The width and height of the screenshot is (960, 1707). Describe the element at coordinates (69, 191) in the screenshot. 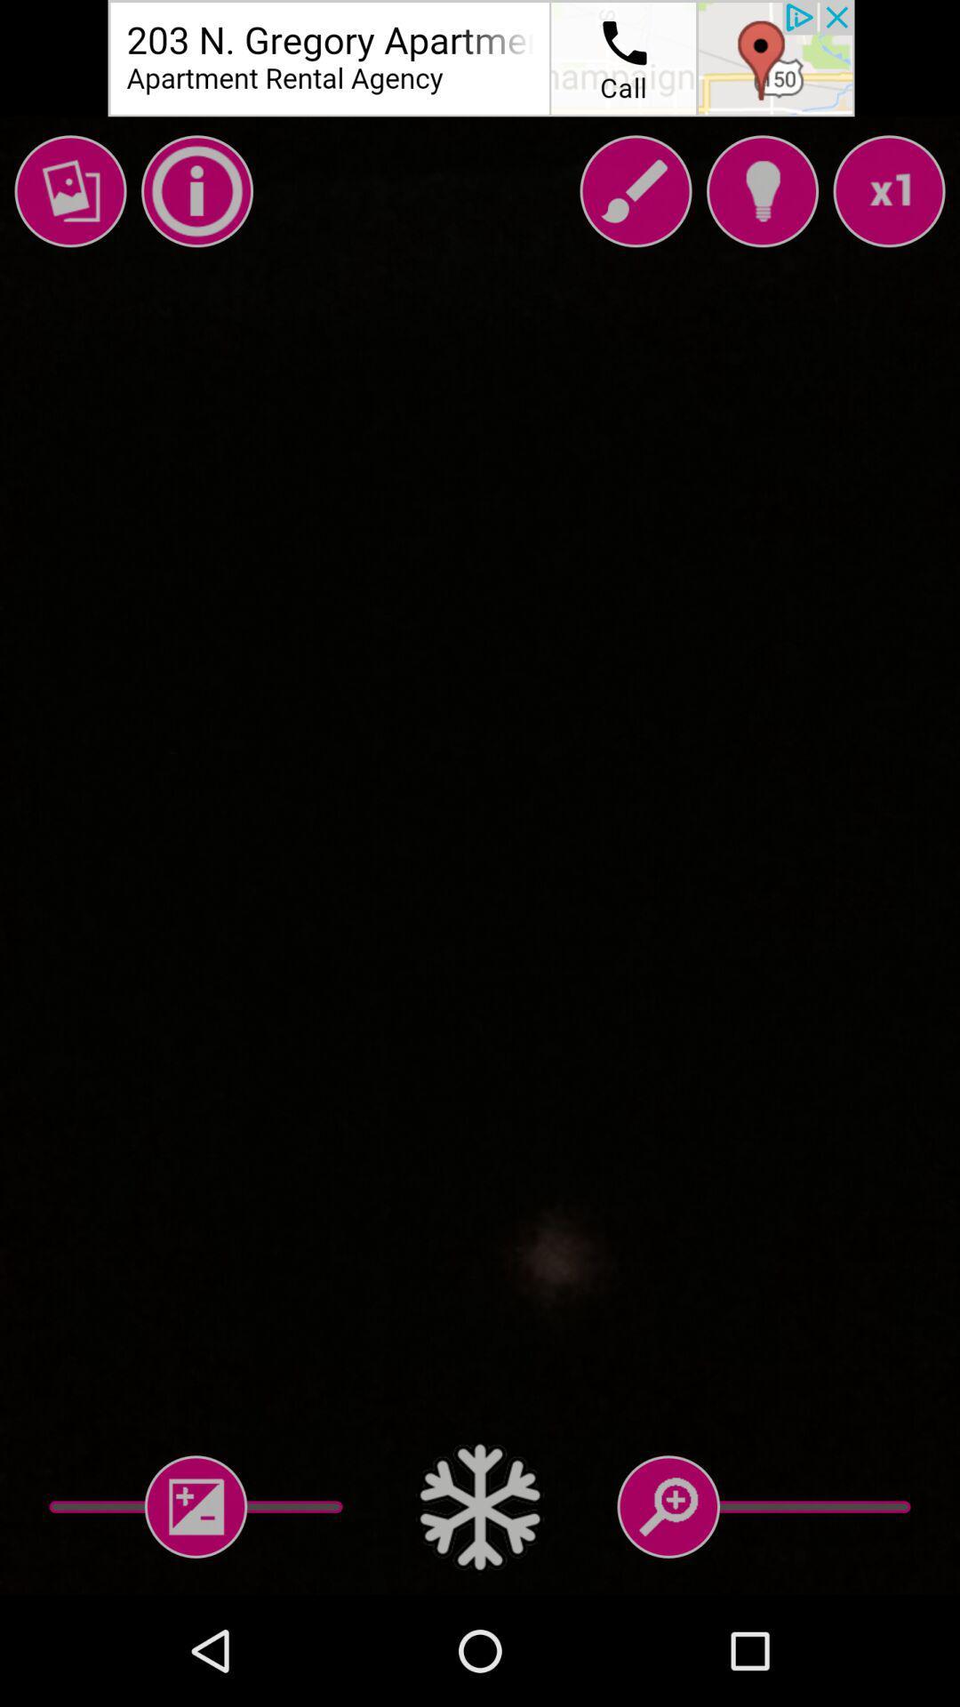

I see `the wallpaper icon` at that location.